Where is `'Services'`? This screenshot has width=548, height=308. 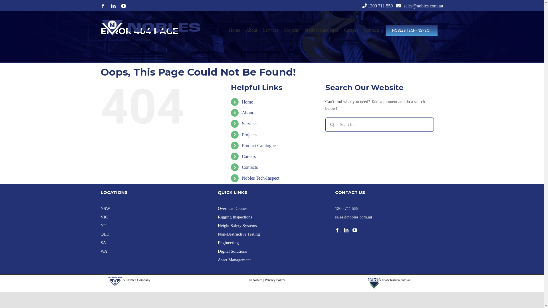 'Services' is located at coordinates (249, 123).